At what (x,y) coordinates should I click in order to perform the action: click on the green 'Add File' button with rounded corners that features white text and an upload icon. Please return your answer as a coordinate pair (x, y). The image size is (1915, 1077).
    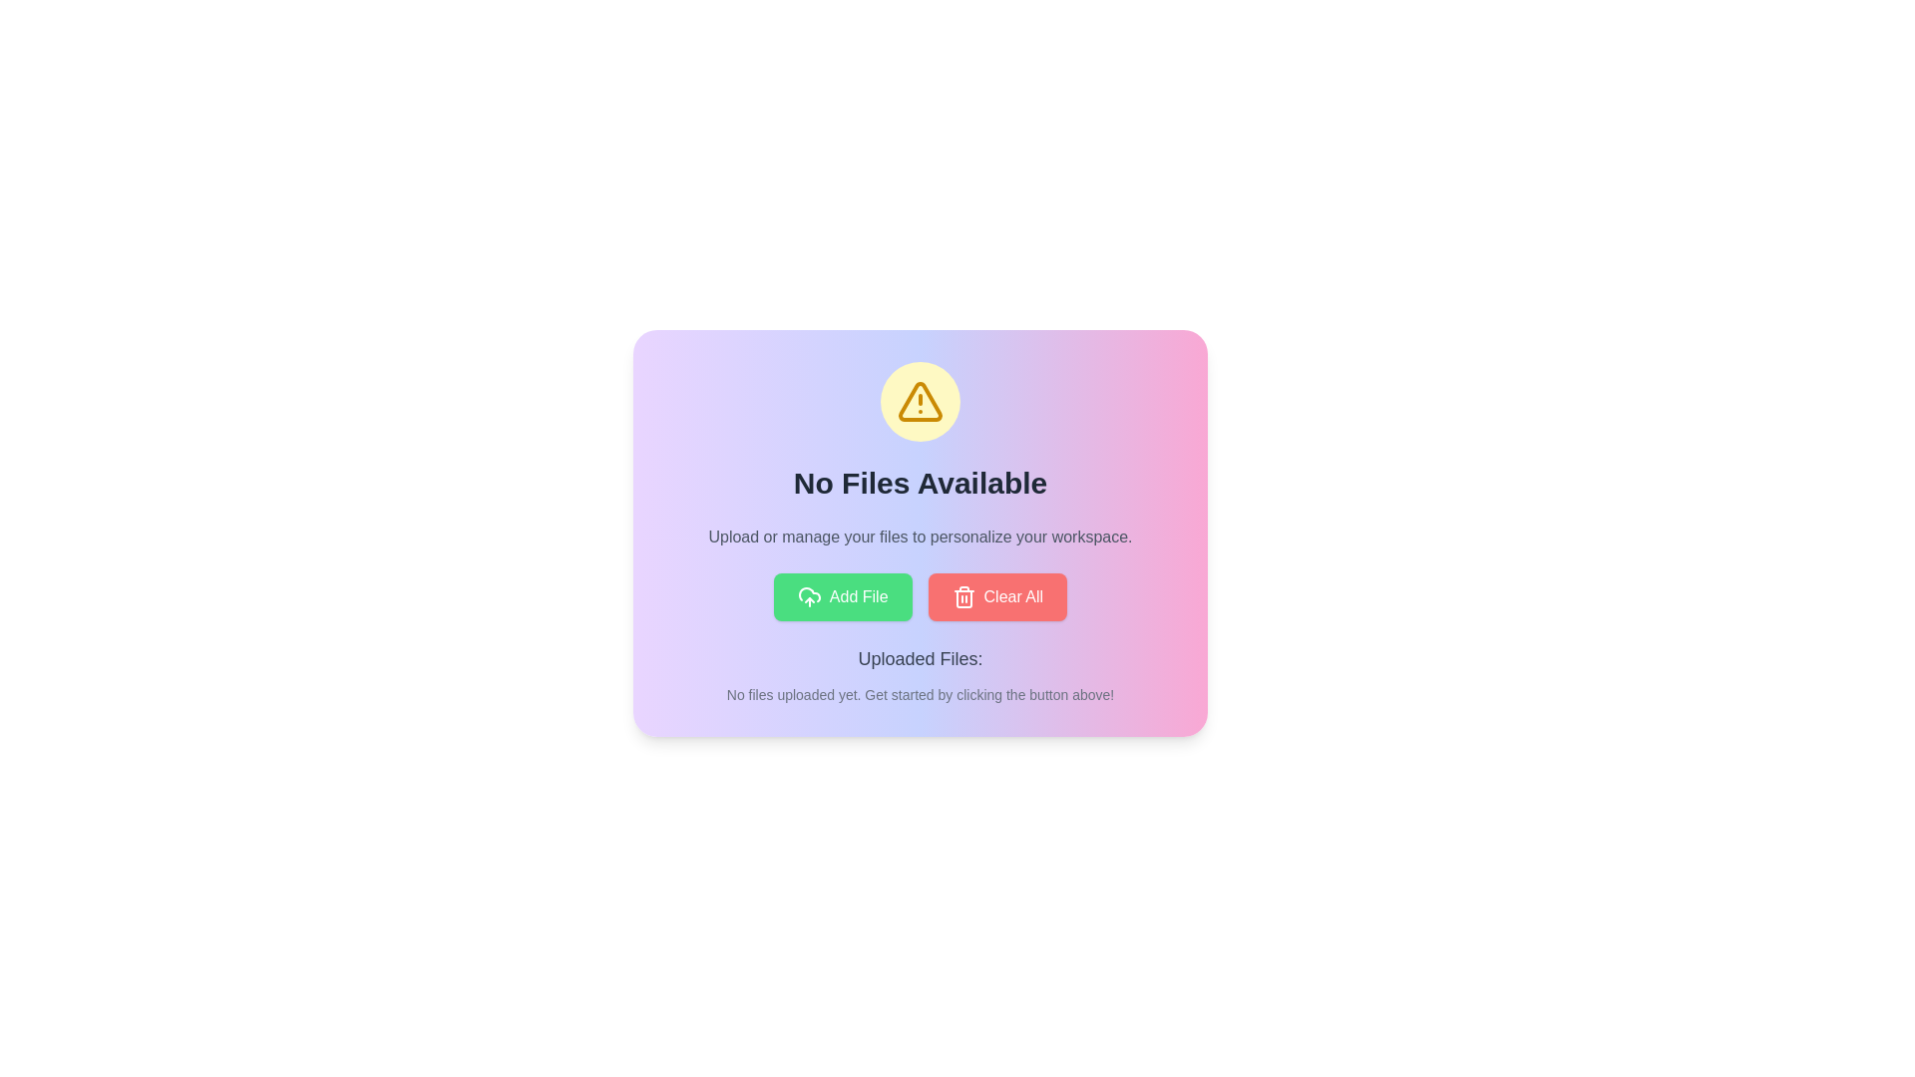
    Looking at the image, I should click on (843, 595).